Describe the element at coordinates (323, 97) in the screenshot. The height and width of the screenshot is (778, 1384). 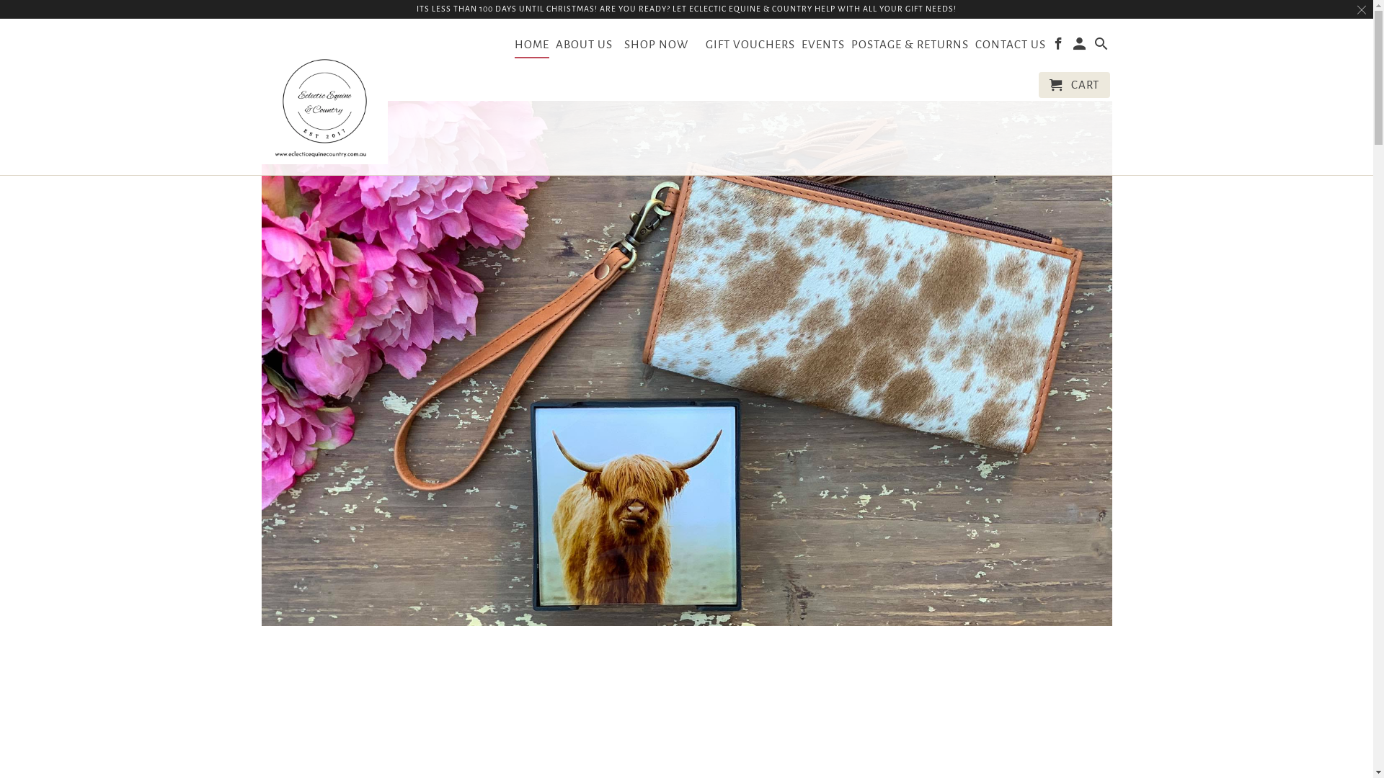
I see `'Eclectic Equine & Country'` at that location.